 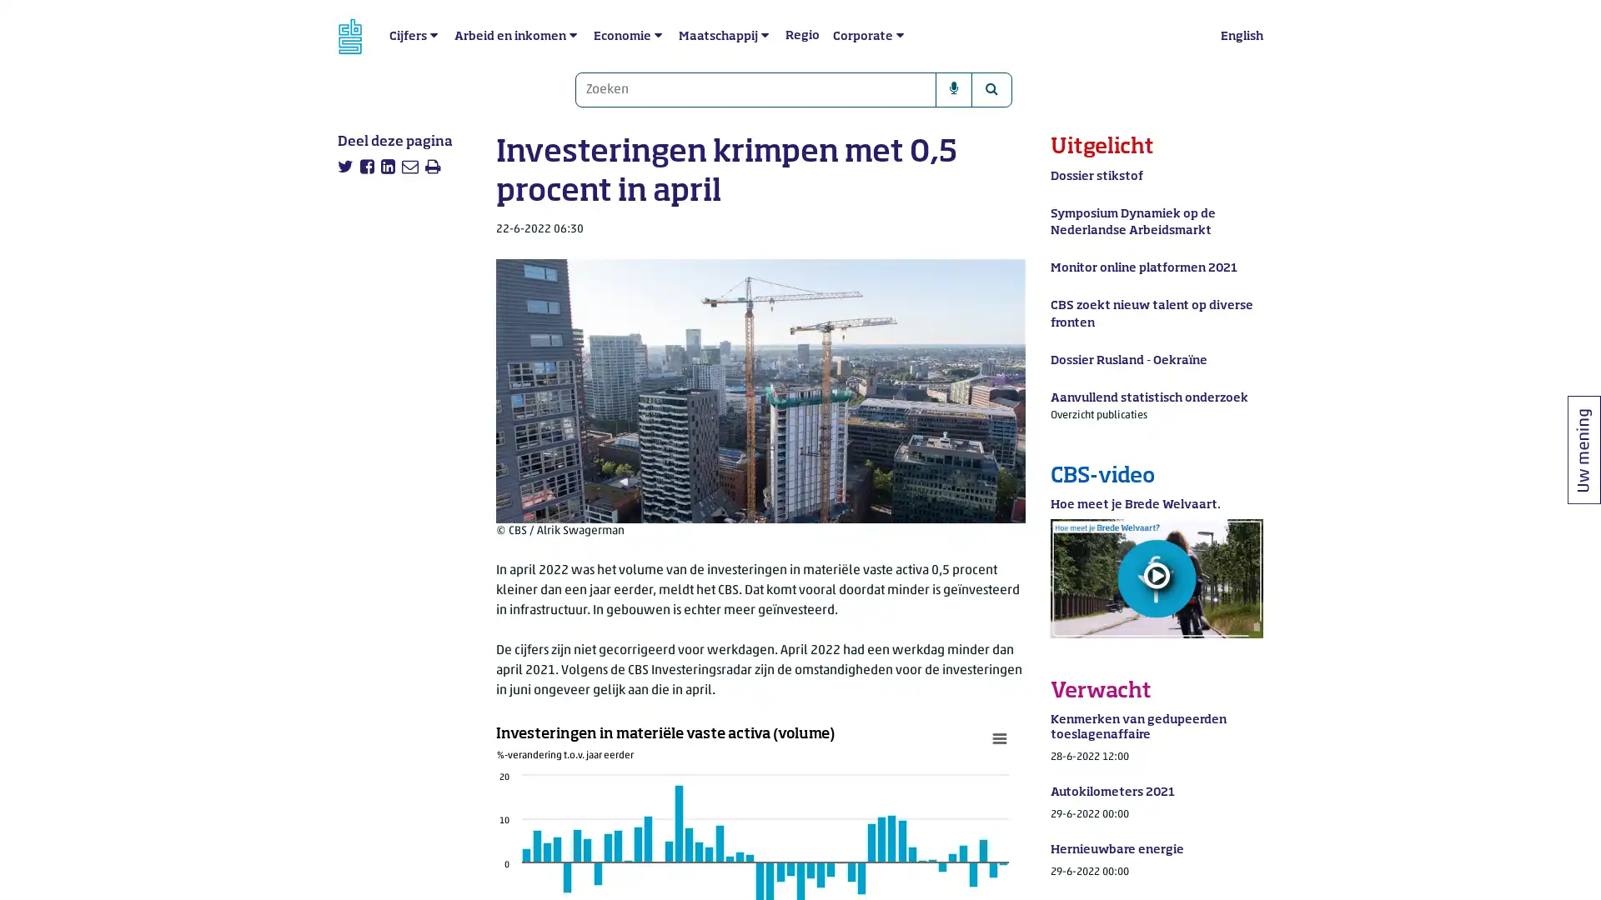 What do you see at coordinates (573, 35) in the screenshot?
I see `submenu Arbeid en inkomen` at bounding box center [573, 35].